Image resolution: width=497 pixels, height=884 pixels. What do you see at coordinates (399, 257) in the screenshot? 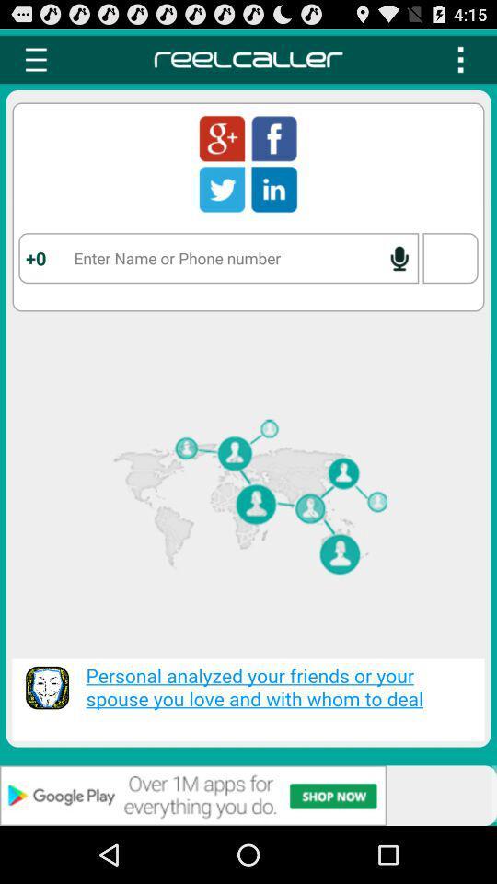
I see `voice search` at bounding box center [399, 257].